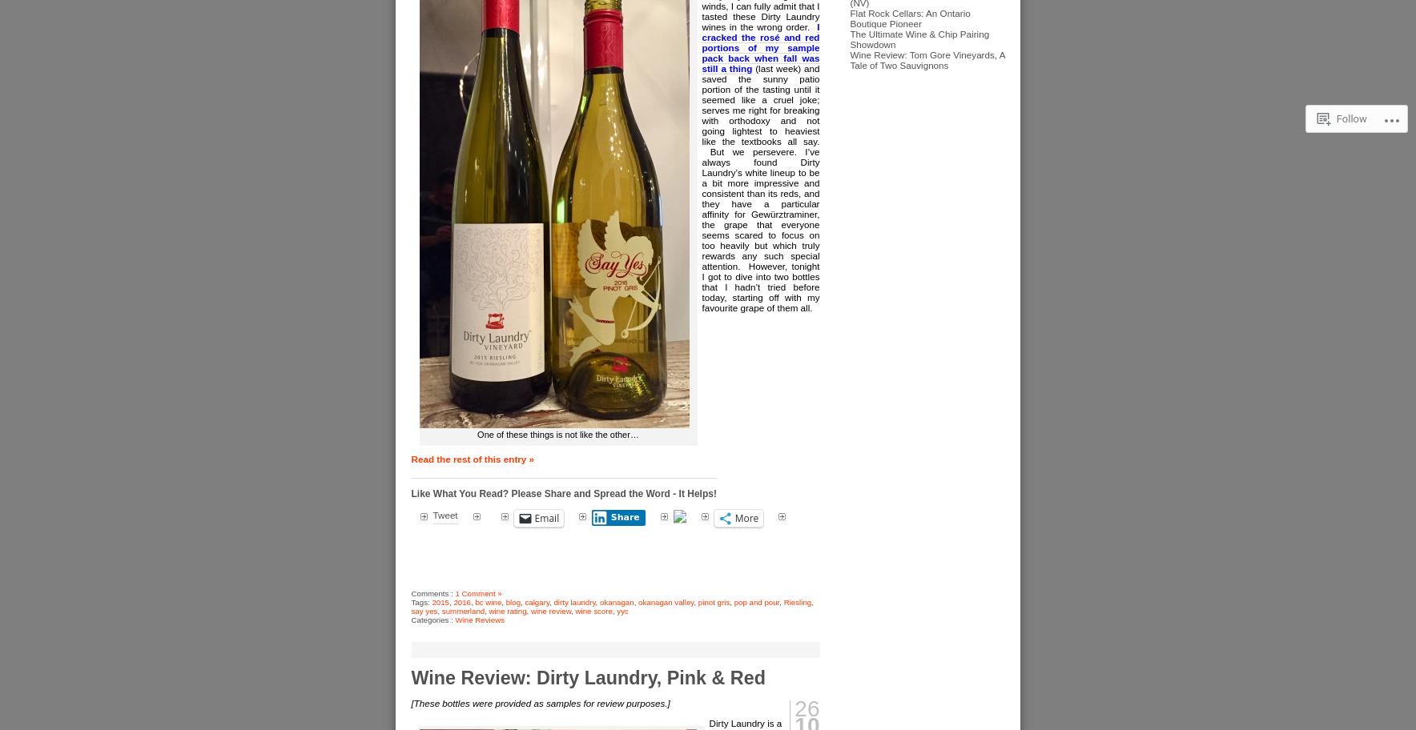 The height and width of the screenshot is (730, 1416). What do you see at coordinates (550, 611) in the screenshot?
I see `'wine review'` at bounding box center [550, 611].